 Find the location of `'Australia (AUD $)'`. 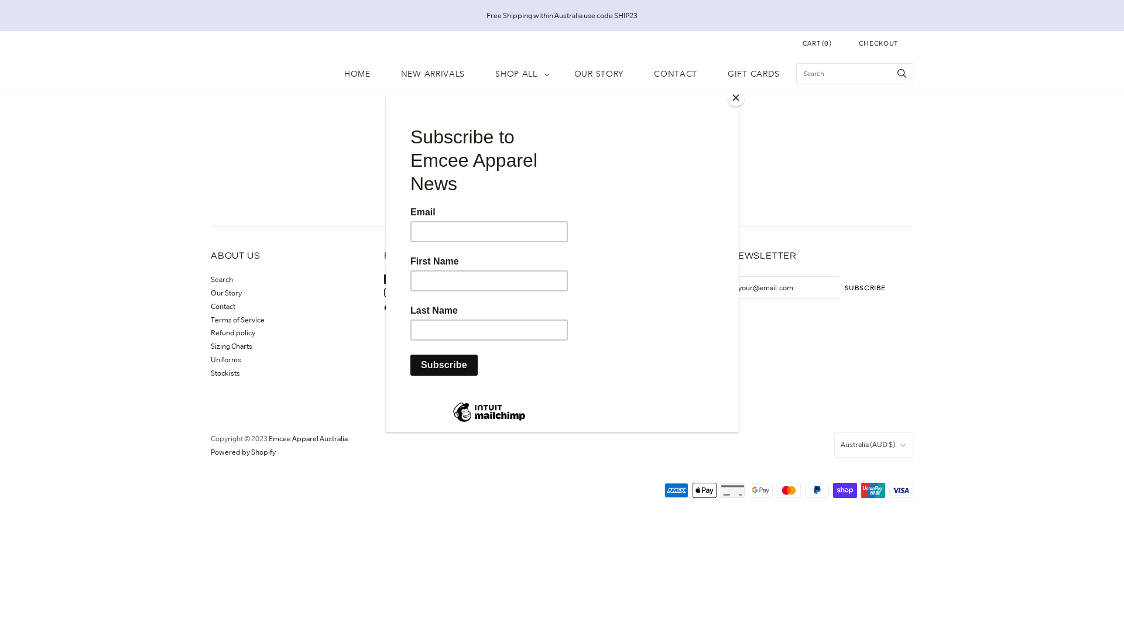

'Australia (AUD $)' is located at coordinates (873, 445).